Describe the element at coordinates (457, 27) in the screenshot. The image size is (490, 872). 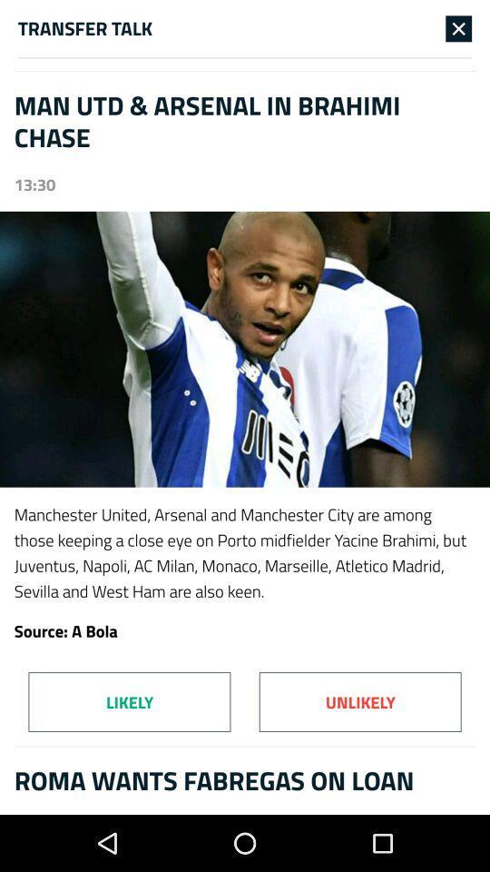
I see `item to the right of the transfer talk item` at that location.